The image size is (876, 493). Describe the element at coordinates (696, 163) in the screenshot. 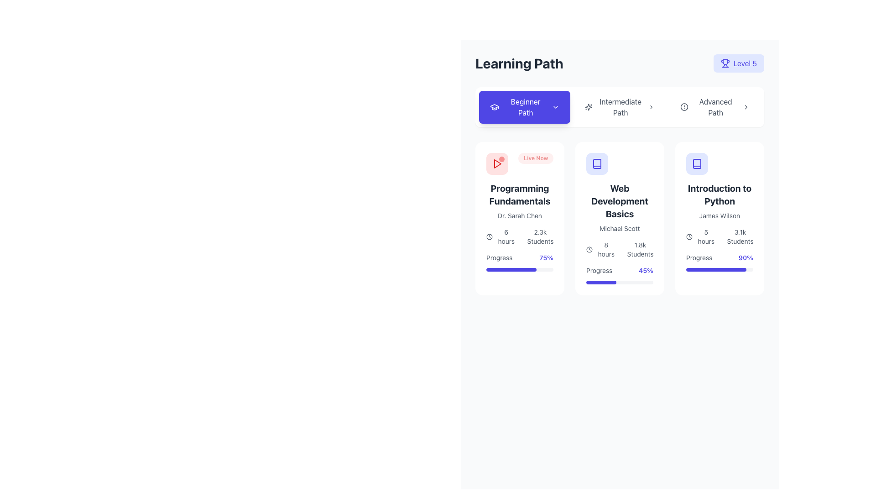

I see `the square icon with rounded edges featuring a book-like symbol on a light indigo background, located at the top-right corner of the 'Introduction to Python' card` at that location.